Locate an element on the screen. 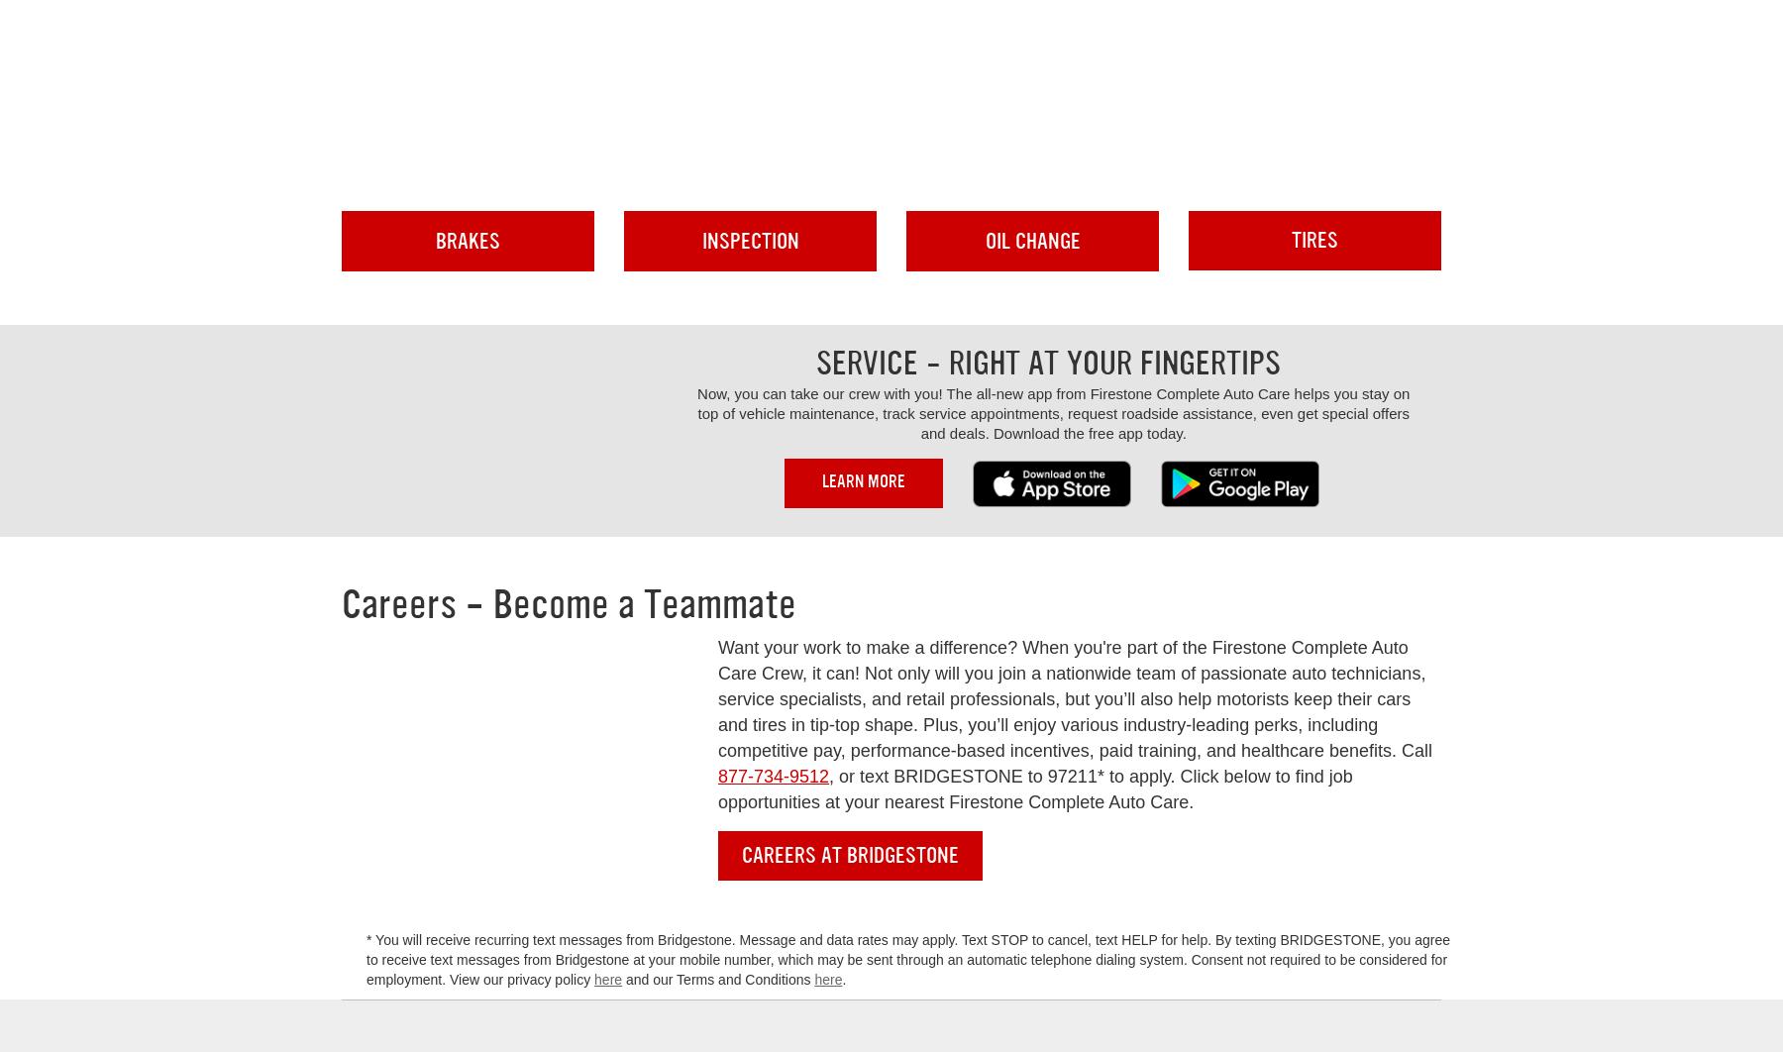  'TIRES' is located at coordinates (1314, 240).